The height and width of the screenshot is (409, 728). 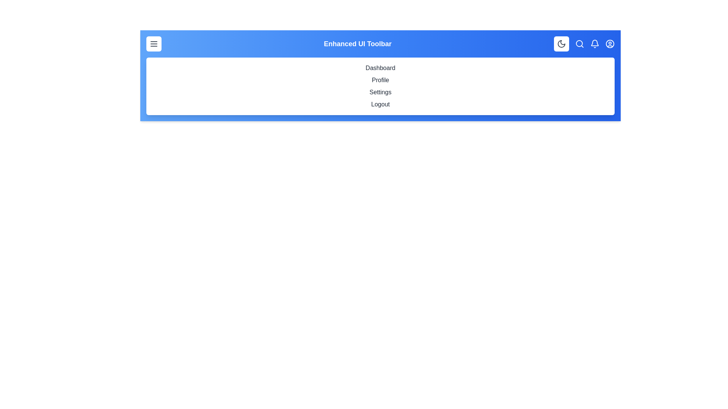 What do you see at coordinates (154, 44) in the screenshot?
I see `the menu toggle button to toggle the menu visibility` at bounding box center [154, 44].